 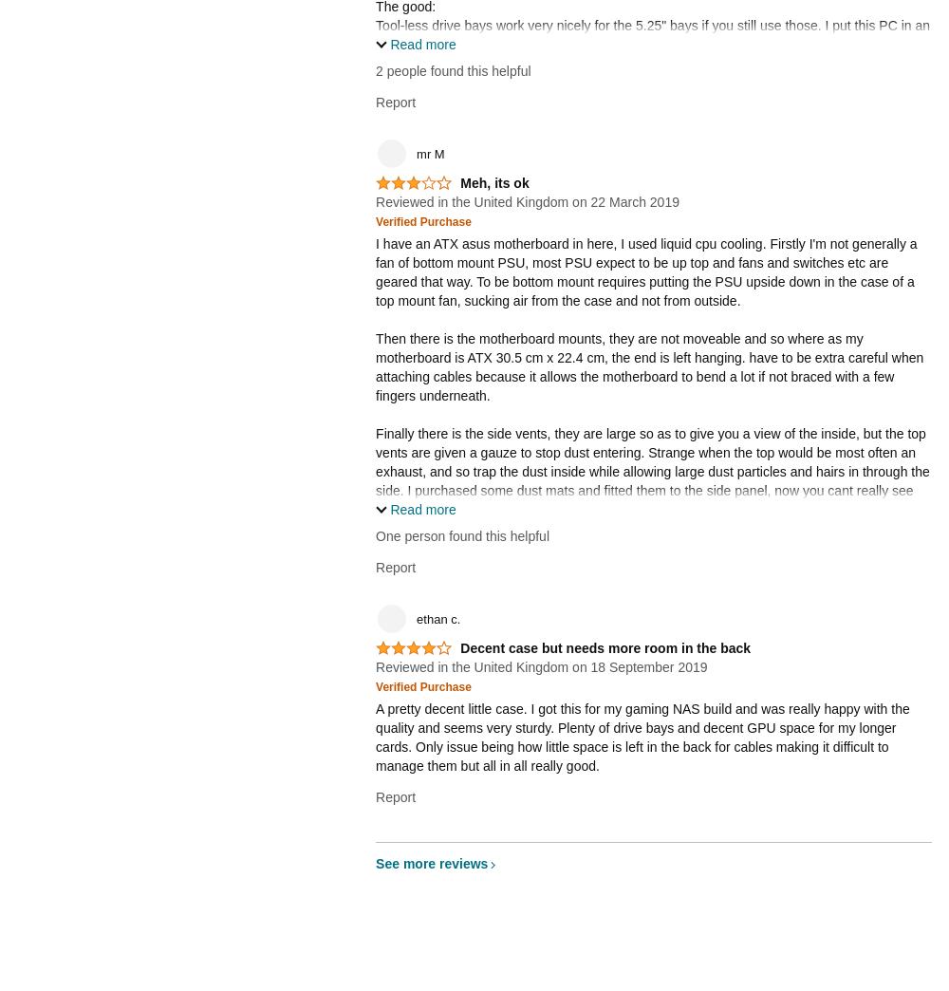 What do you see at coordinates (376, 146) in the screenshot?
I see `'Overall, I recommend this case if you have to have a place to put your ATX motherboard and you are on a budget. If you're gonna put a monster in the case, I suggest something with better airflow. Again, I got the red one with the side window by accident so the blue one with the fan mounts on the side panel is the one to get.'` at bounding box center [376, 146].